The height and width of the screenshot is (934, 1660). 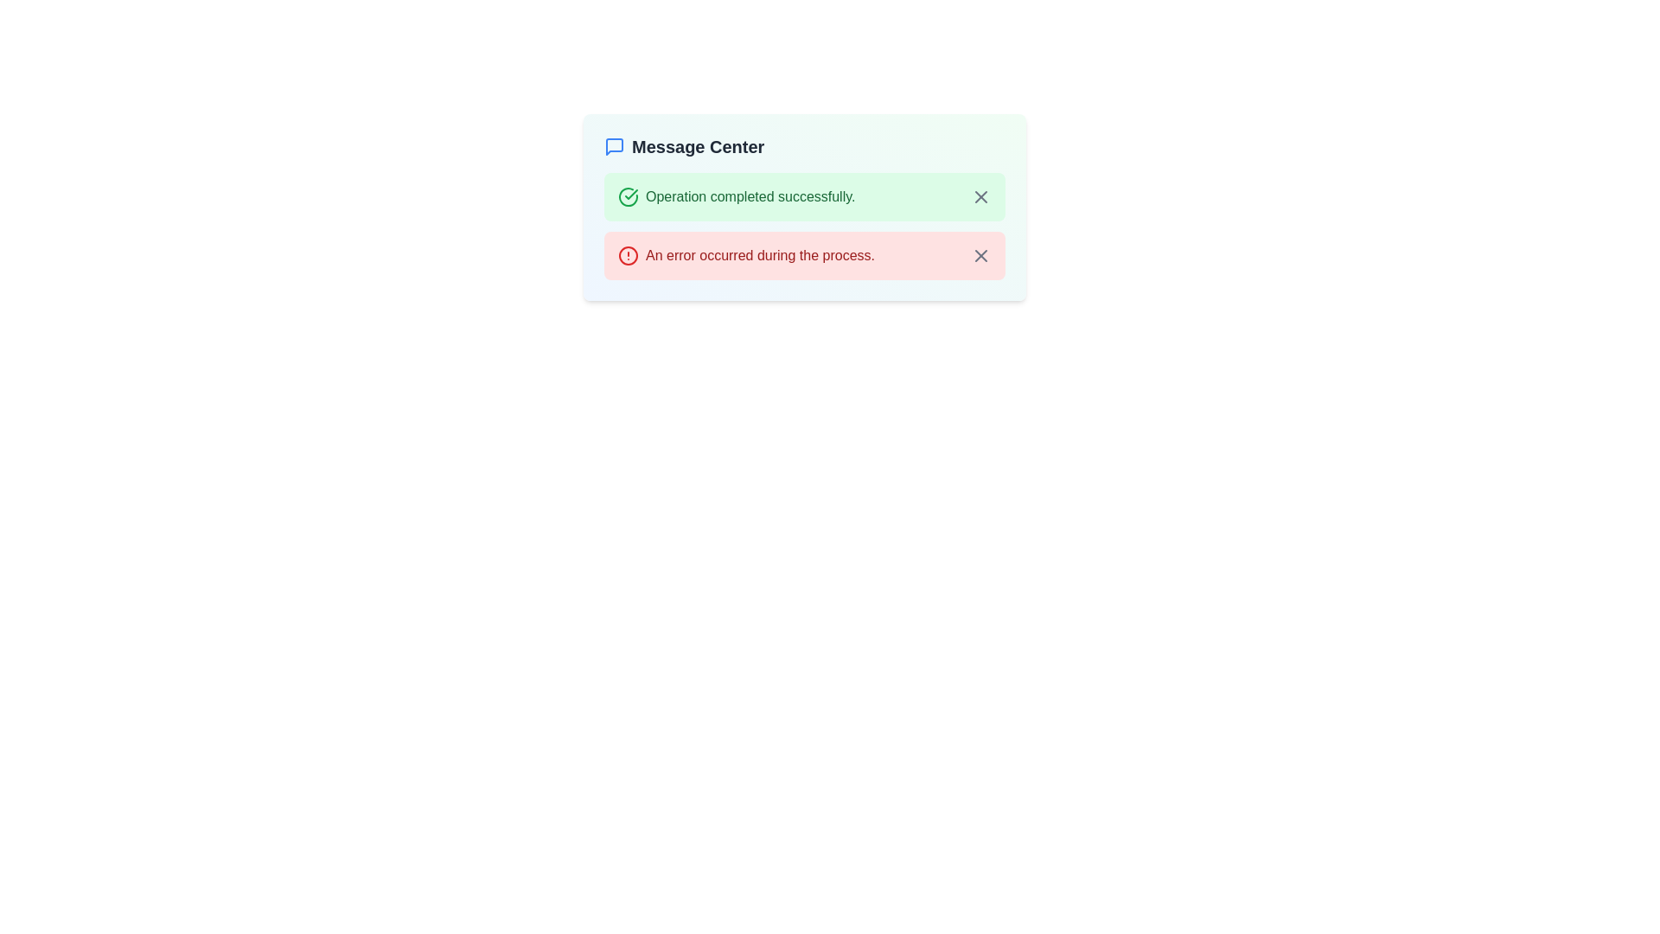 I want to click on the decorative or status-indicating icon located at the top-left corner of the message box that states 'Operation completed successfully', so click(x=627, y=195).